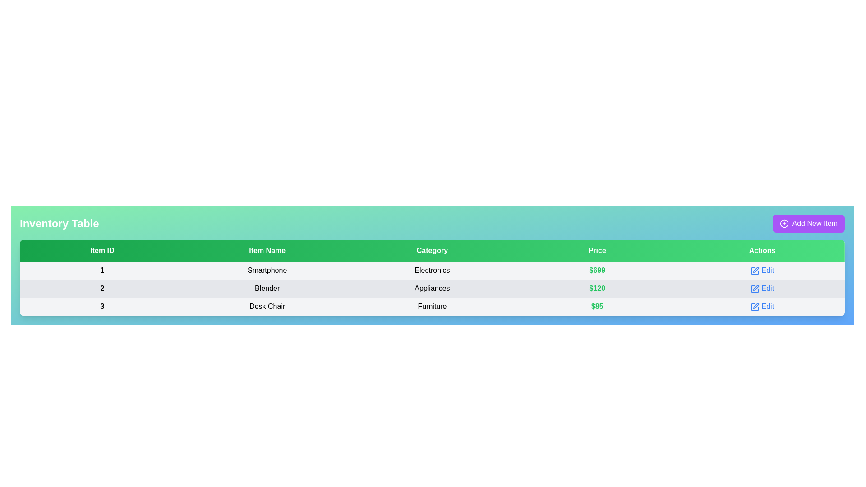  I want to click on the text label indicating the category 'Appliances' for the item 'Blender', so click(432, 289).